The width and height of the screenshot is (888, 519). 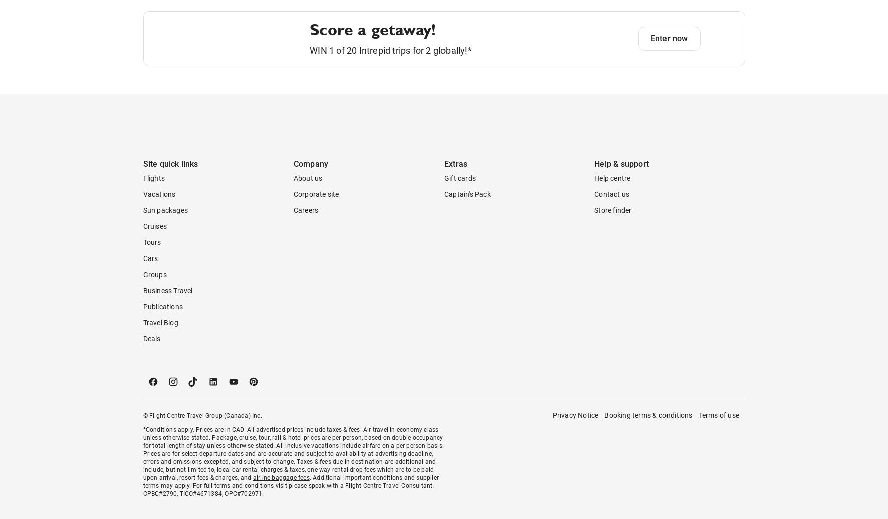 I want to click on 'Tours', so click(x=151, y=282).